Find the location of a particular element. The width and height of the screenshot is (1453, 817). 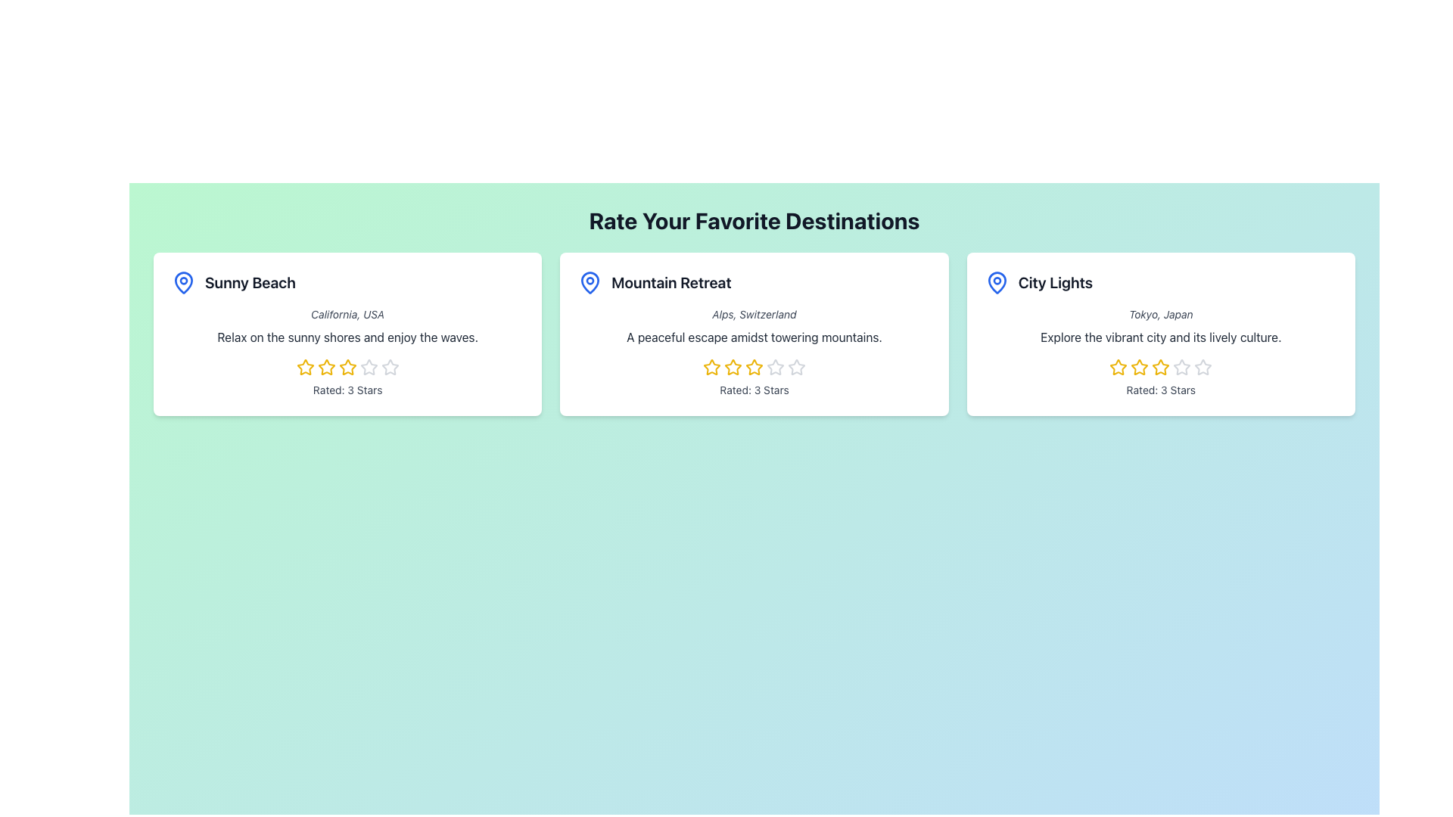

the fourth star in the rating group for 'Mountain Retreat' is located at coordinates (755, 368).